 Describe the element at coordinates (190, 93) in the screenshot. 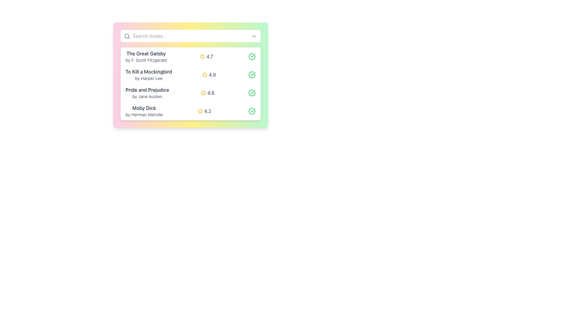

I see `the list item displaying the book 'Pride and Prejudice' by Jane Austen, which includes the book name, author, and rating, located as the third item in the vertical list` at that location.